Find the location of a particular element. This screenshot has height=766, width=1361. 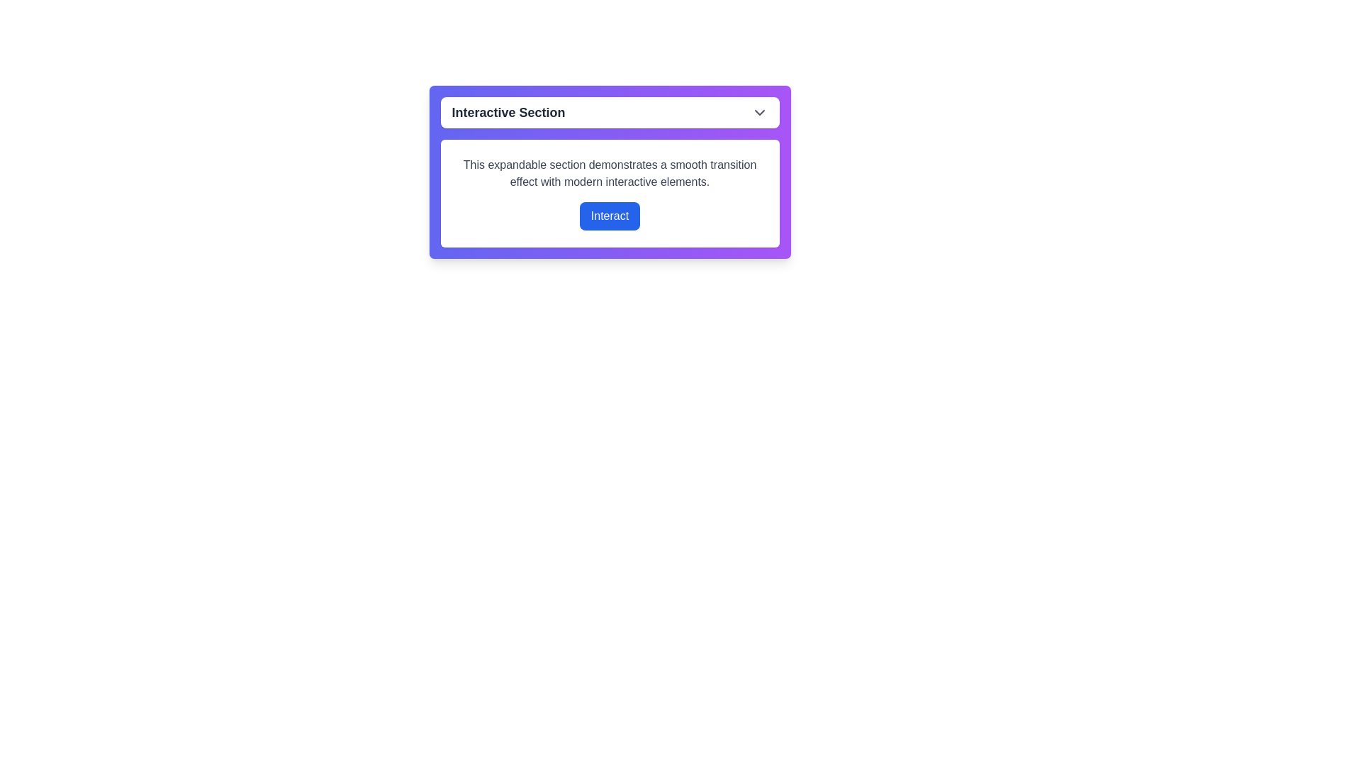

the SVG icon resembling a downward-pointing chevron arrow, located to the right of the 'Interactive Section' text is located at coordinates (758, 111).